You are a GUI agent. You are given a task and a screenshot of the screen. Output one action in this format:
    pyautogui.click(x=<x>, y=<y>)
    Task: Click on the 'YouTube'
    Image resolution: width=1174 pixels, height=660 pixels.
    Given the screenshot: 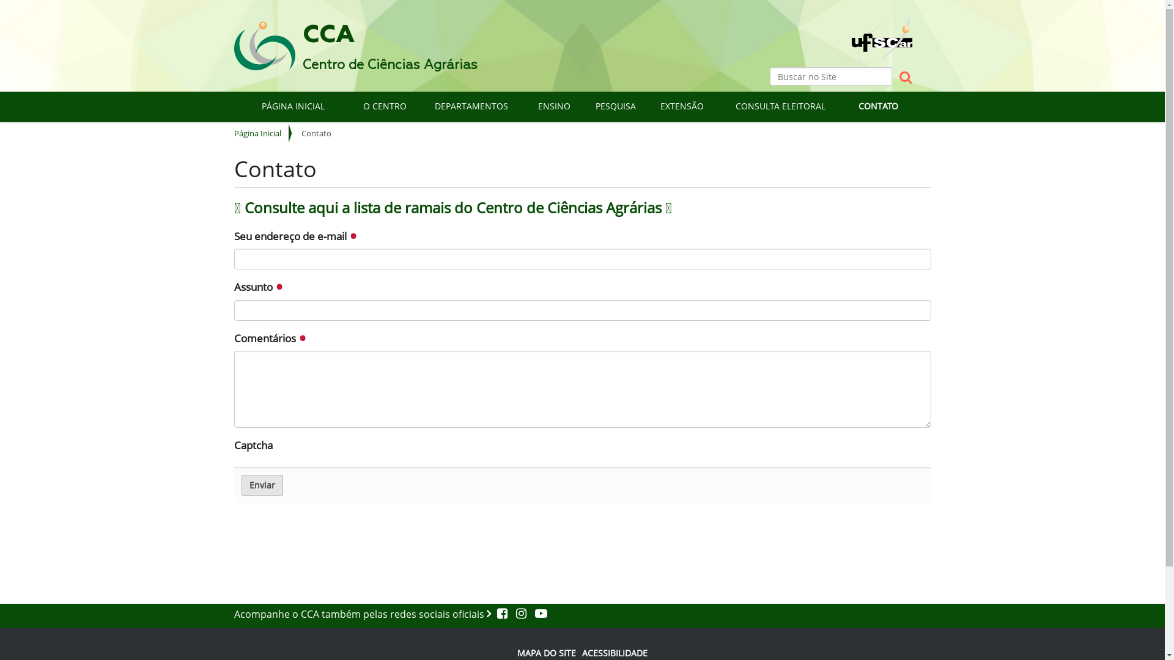 What is the action you would take?
    pyautogui.click(x=537, y=614)
    